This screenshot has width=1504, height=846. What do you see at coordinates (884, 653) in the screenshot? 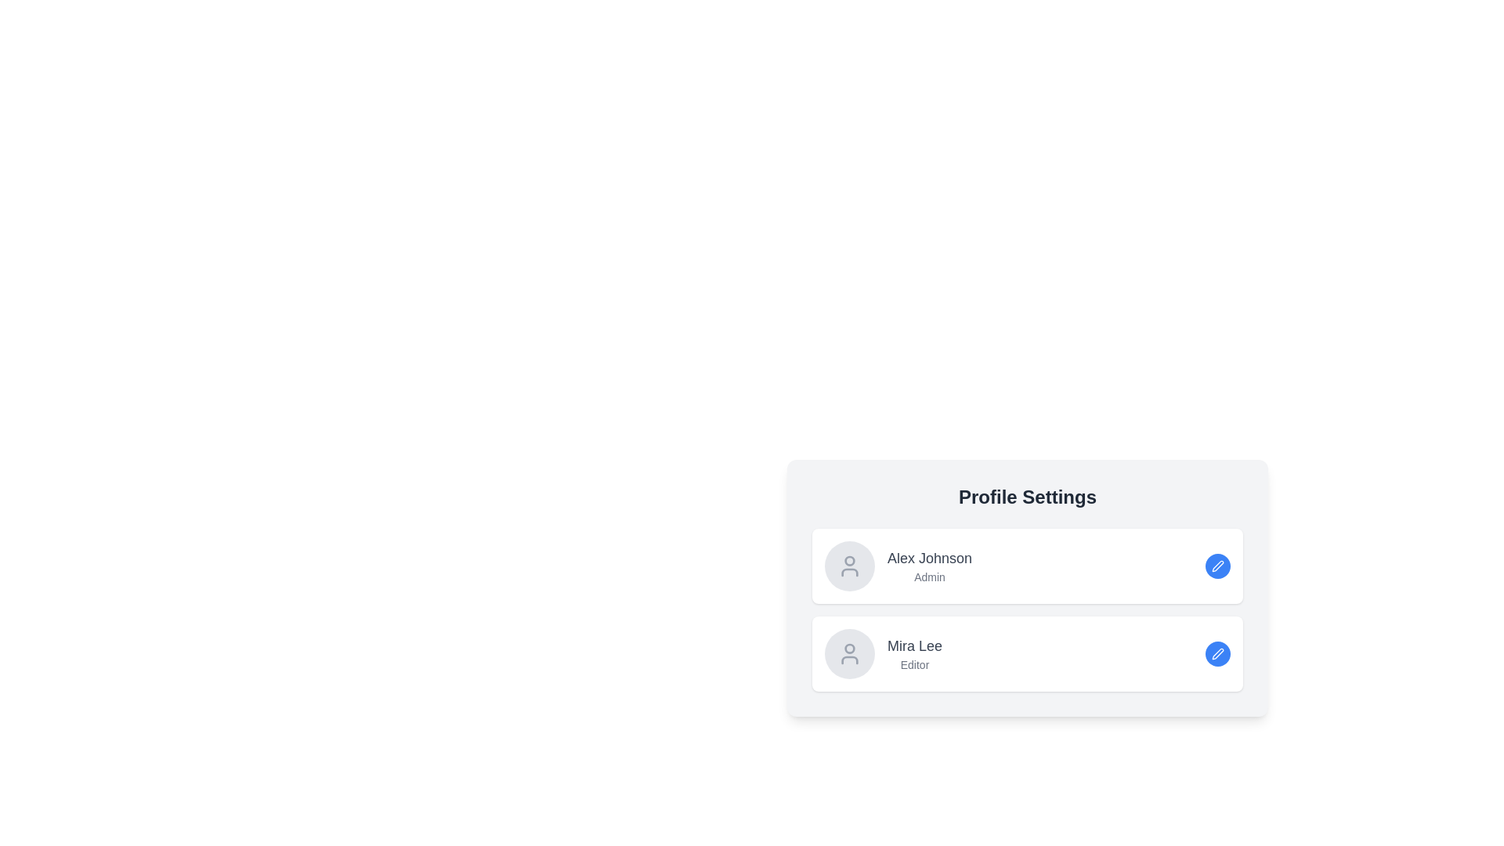
I see `the Profile summary item displaying the user's name and role located at the bottom of the vertical list within a white card interface` at bounding box center [884, 653].